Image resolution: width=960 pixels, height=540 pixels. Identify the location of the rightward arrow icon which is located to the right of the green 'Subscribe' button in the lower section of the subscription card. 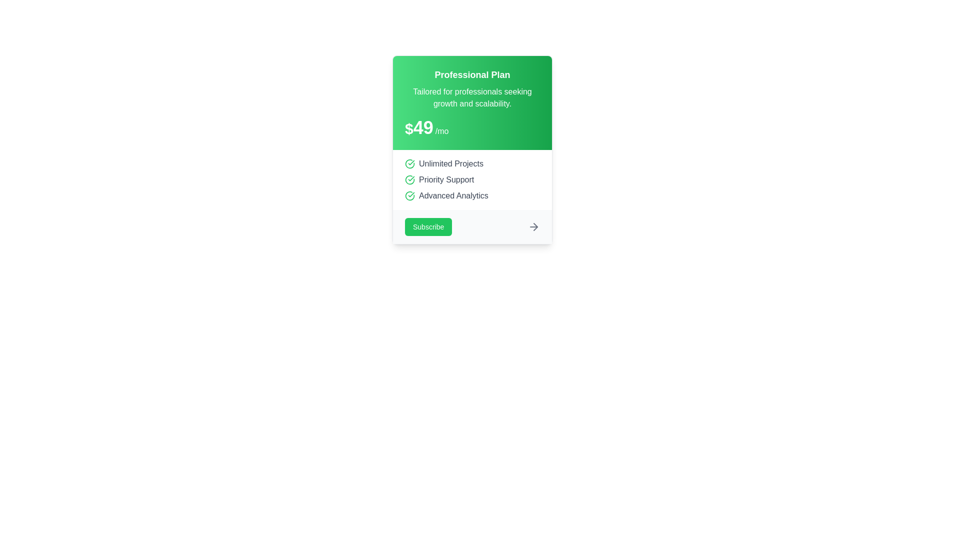
(533, 227).